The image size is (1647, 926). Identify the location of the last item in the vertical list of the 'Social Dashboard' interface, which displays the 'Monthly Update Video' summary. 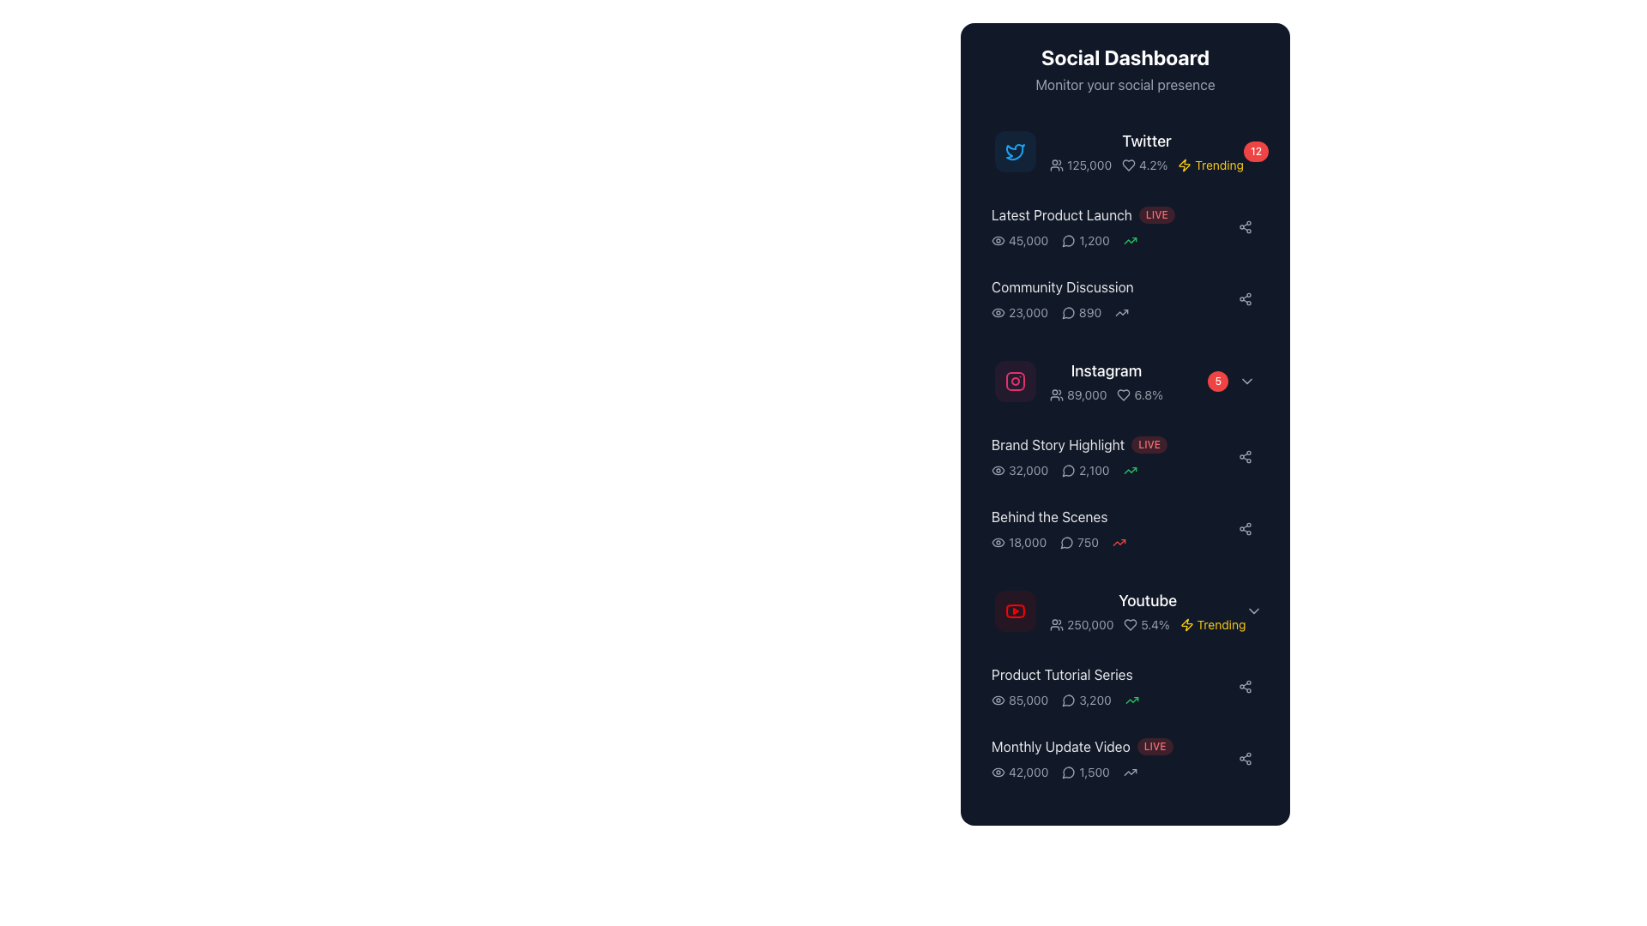
(1125, 757).